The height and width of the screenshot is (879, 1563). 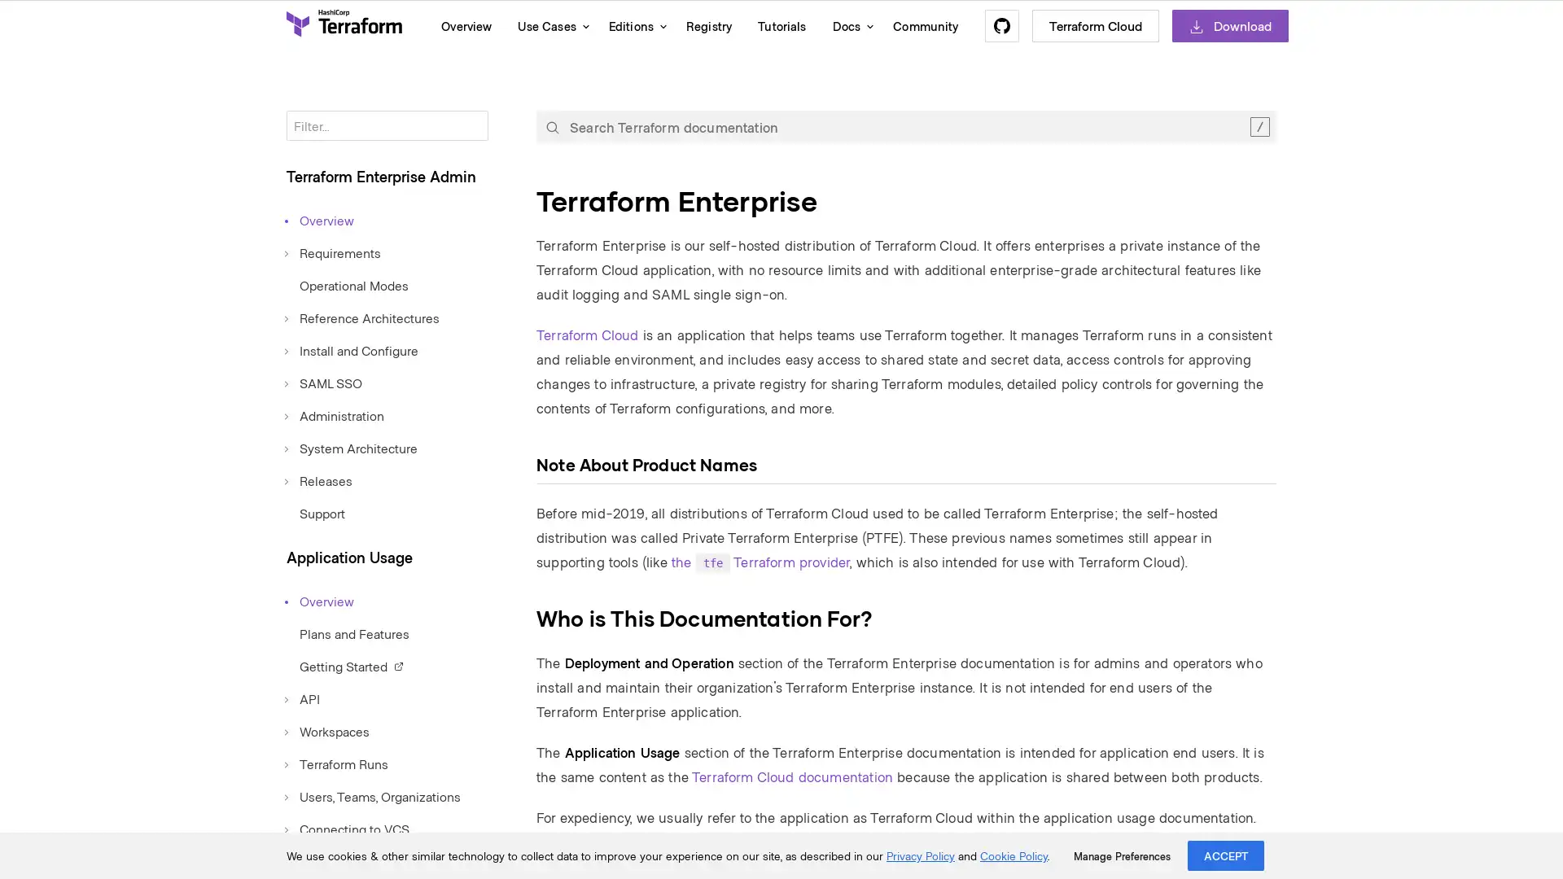 What do you see at coordinates (373, 795) in the screenshot?
I see `Users, Teams, Organizations` at bounding box center [373, 795].